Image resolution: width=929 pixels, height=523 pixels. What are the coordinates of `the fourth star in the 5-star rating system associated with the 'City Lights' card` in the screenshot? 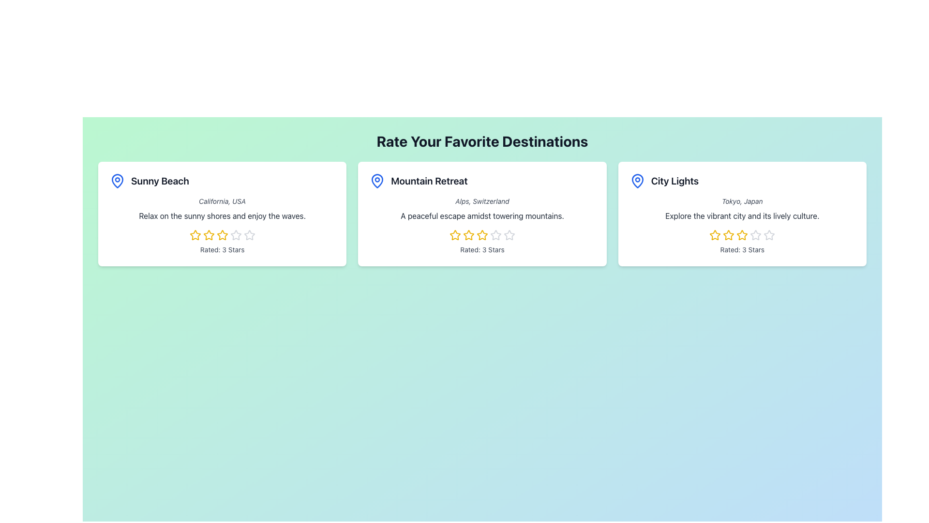 It's located at (755, 235).